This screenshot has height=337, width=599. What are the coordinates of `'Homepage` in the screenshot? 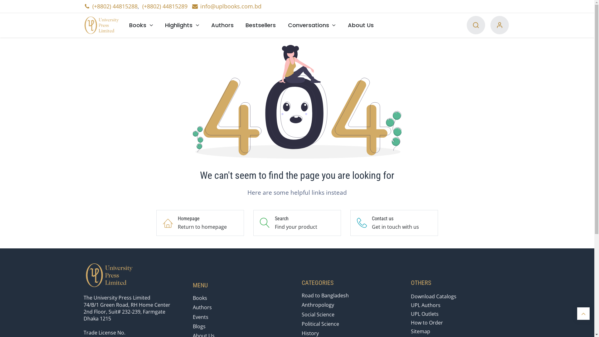 It's located at (200, 222).